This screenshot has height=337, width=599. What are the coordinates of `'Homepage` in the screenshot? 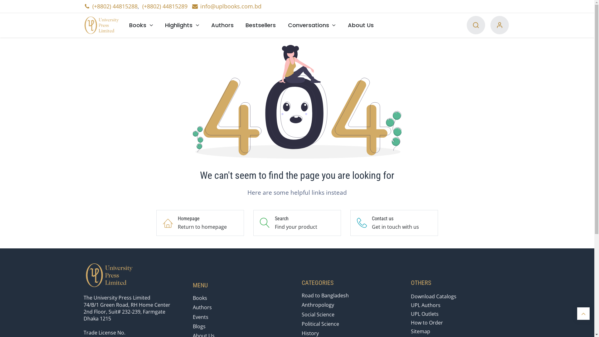 It's located at (200, 222).